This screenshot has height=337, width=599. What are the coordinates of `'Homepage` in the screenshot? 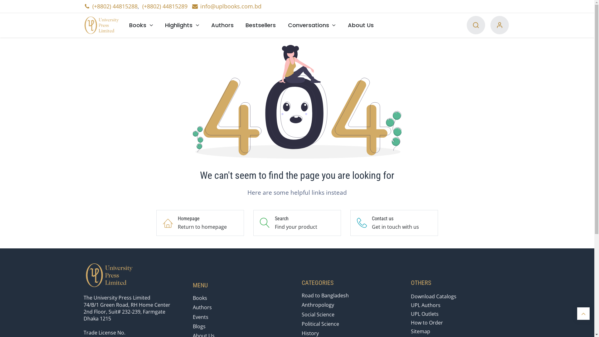 It's located at (200, 222).